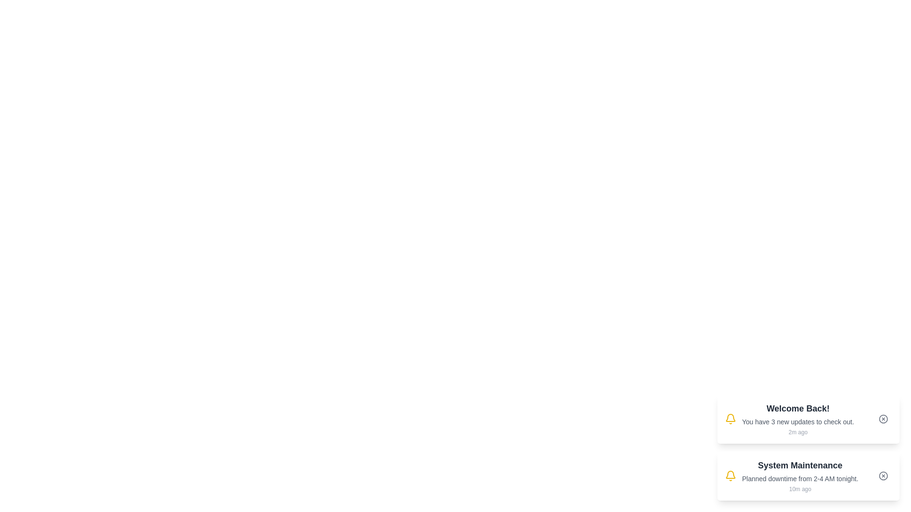 The height and width of the screenshot is (512, 911). Describe the element at coordinates (883, 418) in the screenshot. I see `dismiss button for the notification titled 'Welcome Back!'` at that location.